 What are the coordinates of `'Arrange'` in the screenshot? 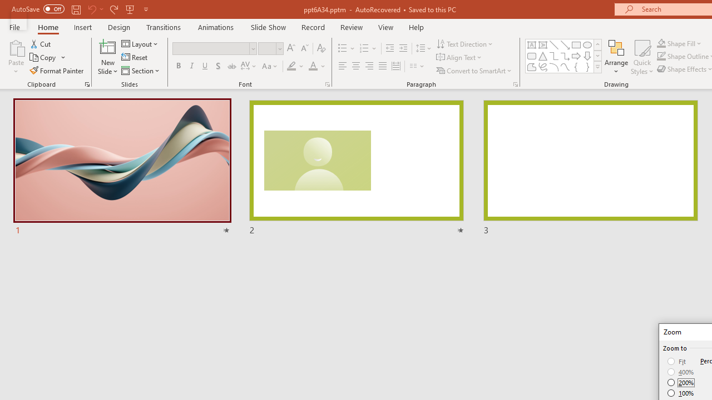 It's located at (616, 57).